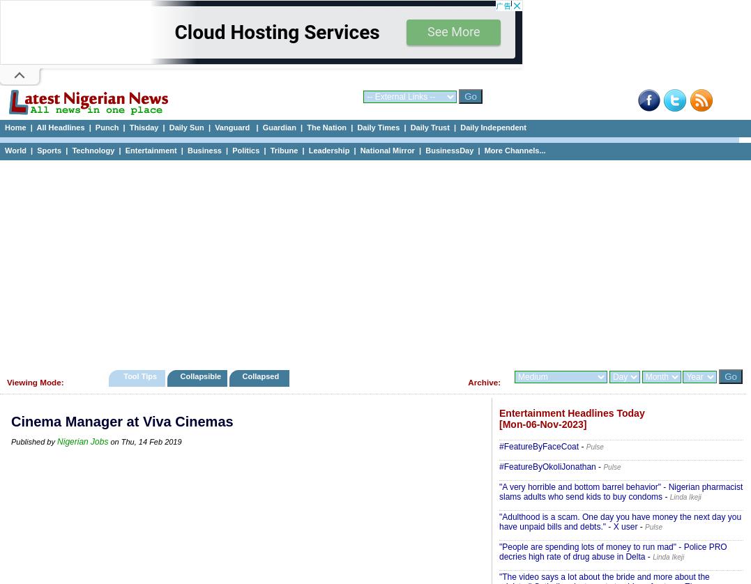 The height and width of the screenshot is (584, 751). I want to click on 'Daily Independent', so click(460, 128).